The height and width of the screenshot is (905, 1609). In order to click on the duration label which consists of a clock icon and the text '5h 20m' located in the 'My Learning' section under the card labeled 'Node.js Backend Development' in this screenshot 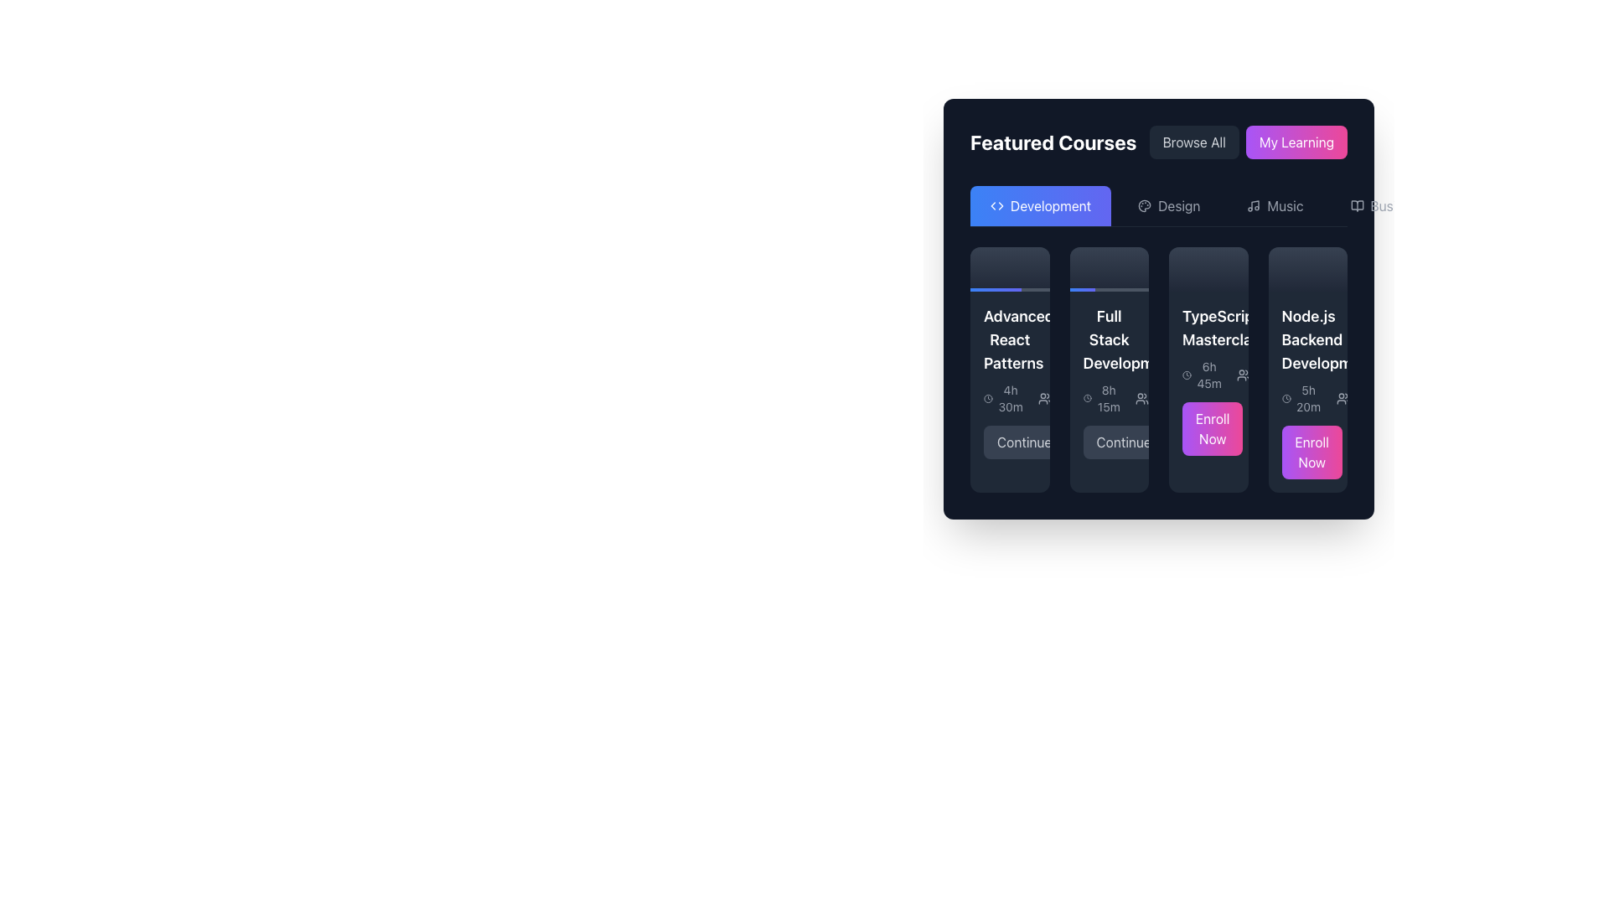, I will do `click(1301, 398)`.